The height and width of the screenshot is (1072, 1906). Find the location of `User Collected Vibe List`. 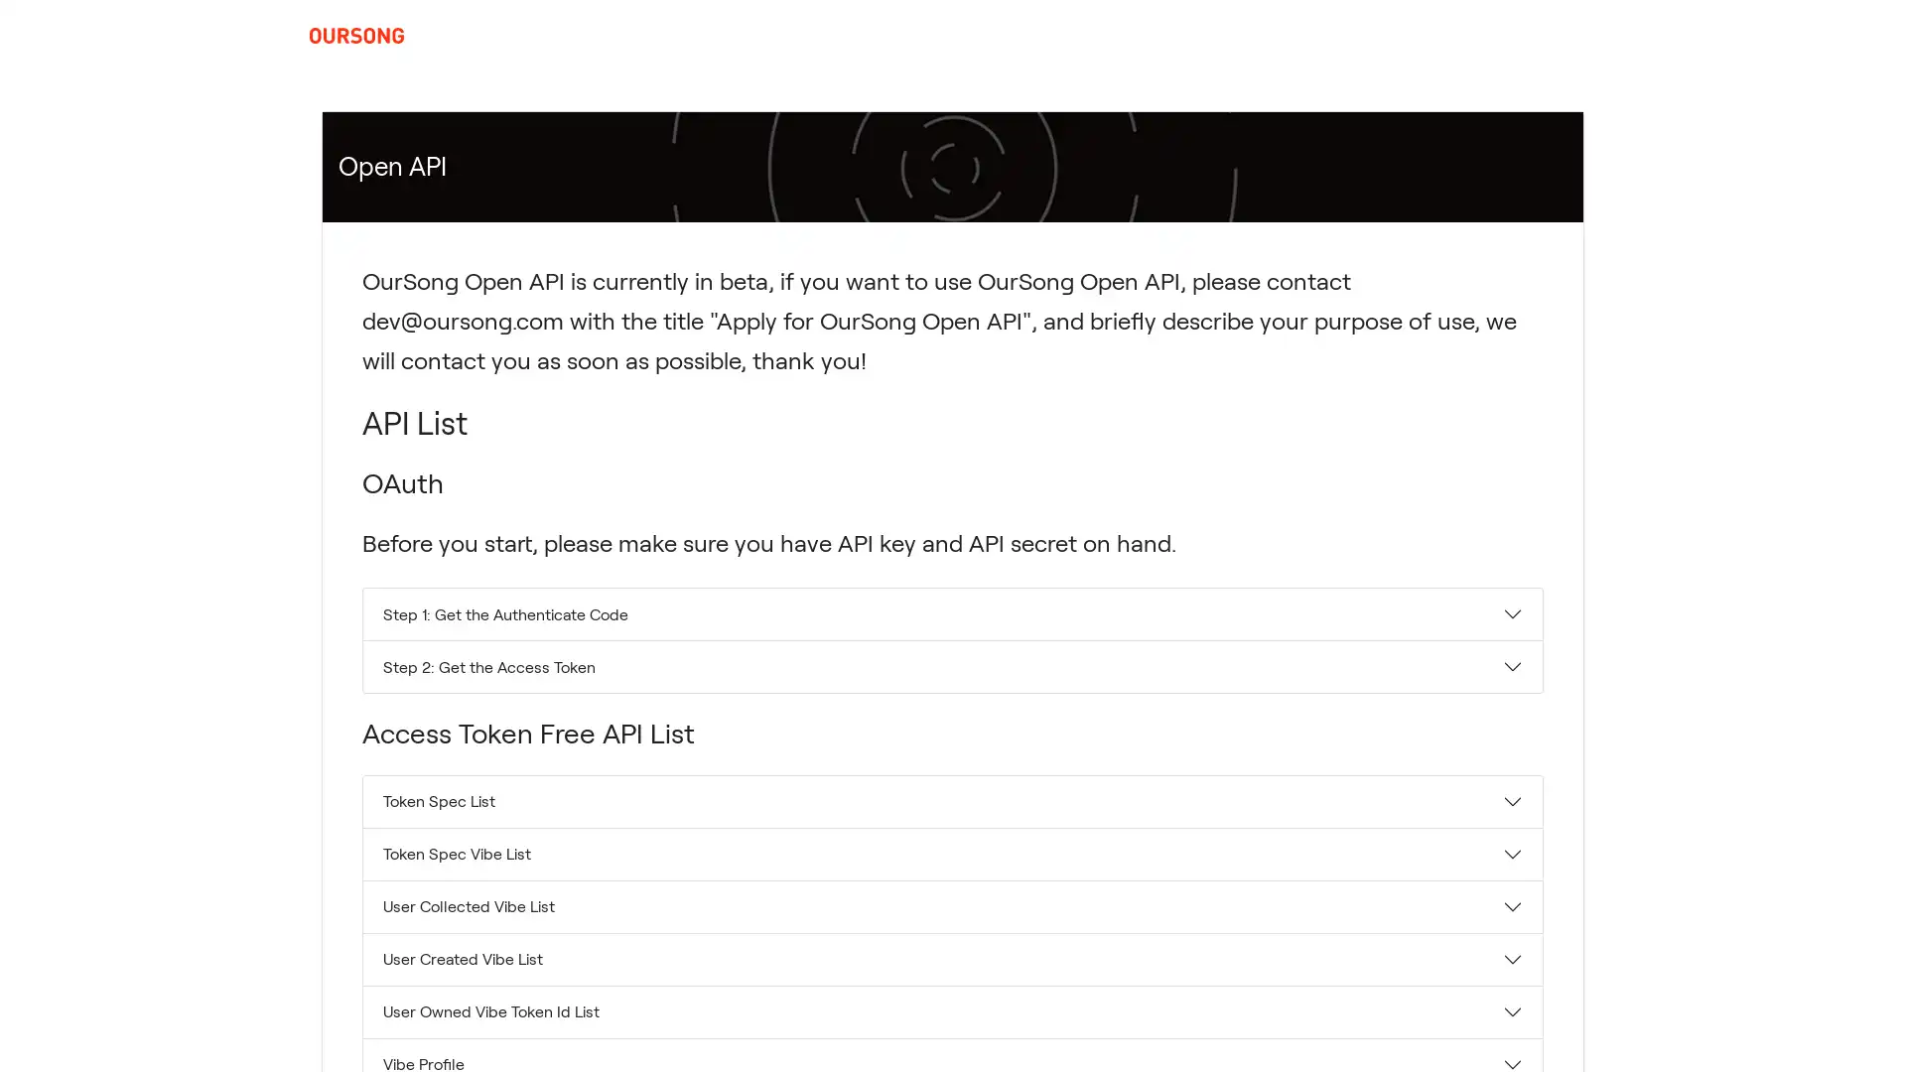

User Collected Vibe List is located at coordinates (953, 906).